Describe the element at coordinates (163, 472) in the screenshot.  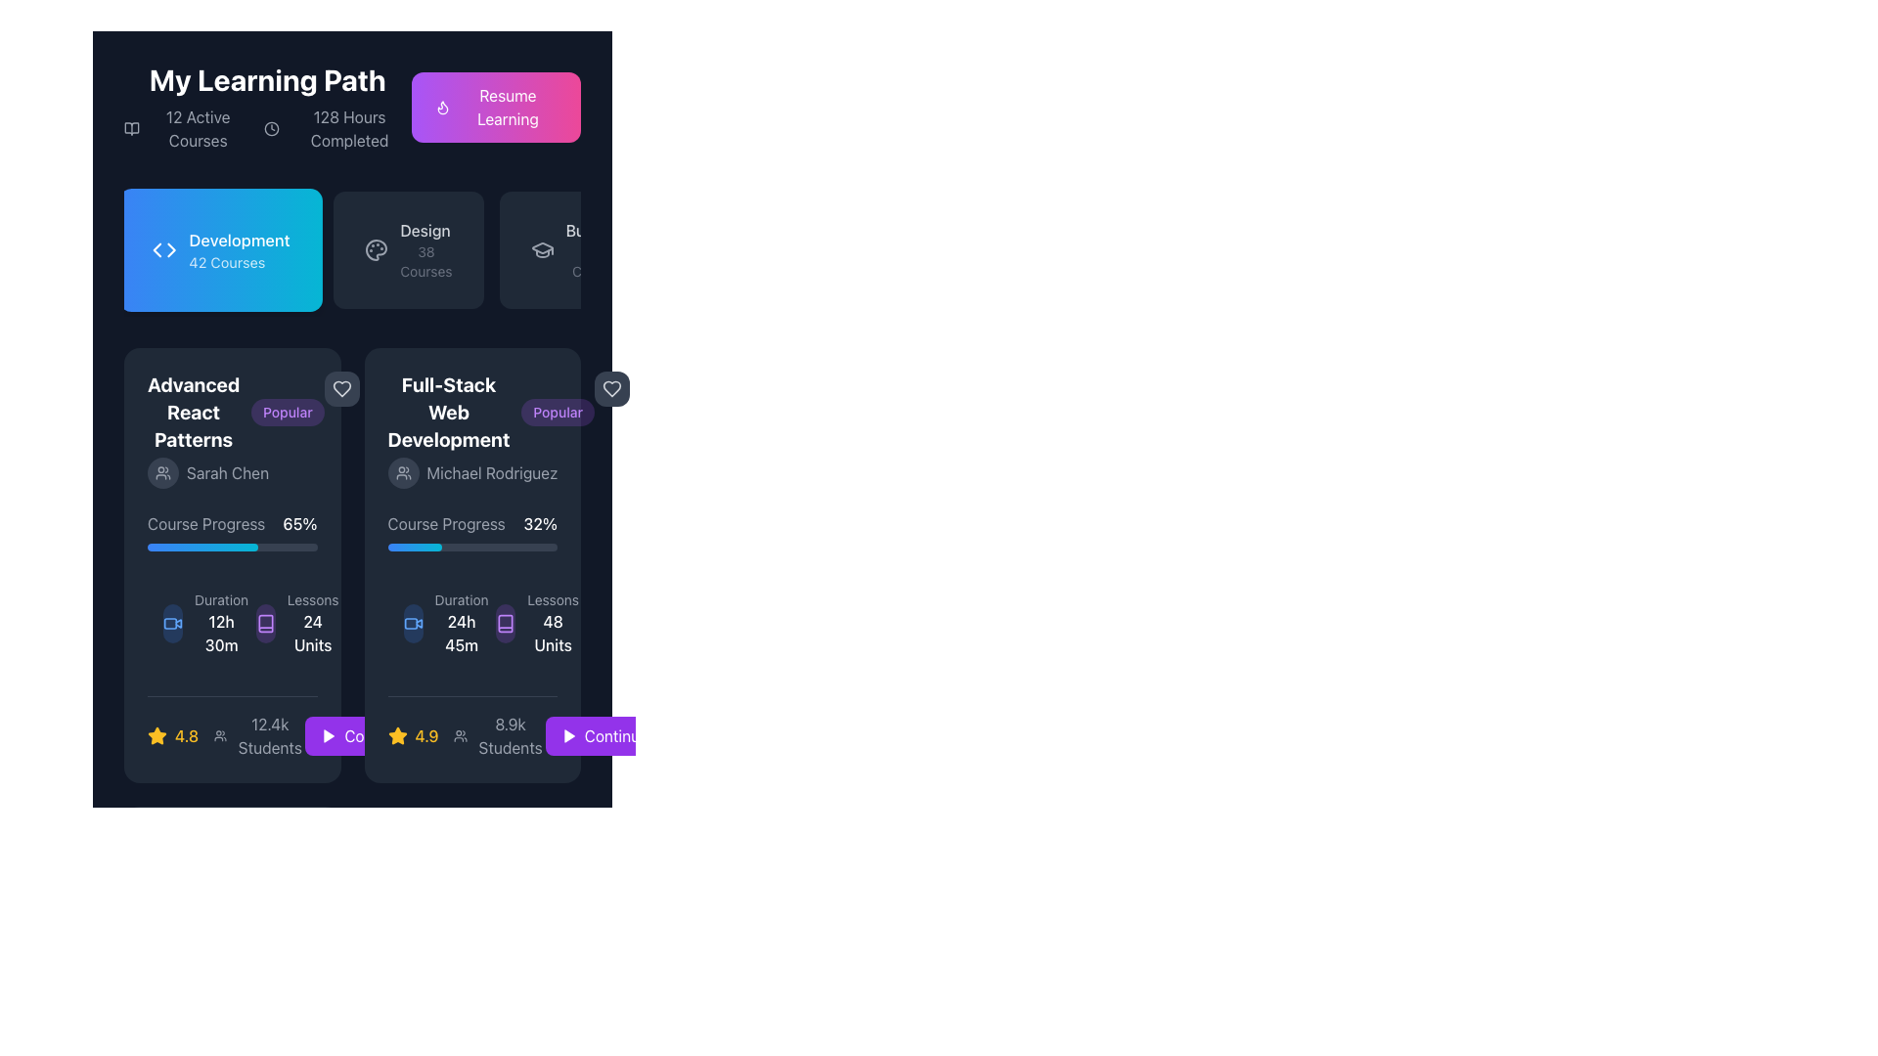
I see `the circular icon or avatar indicator with a dark gray background that features a user or group silhouette, located to the left of the text 'Sarah Chen'` at that location.